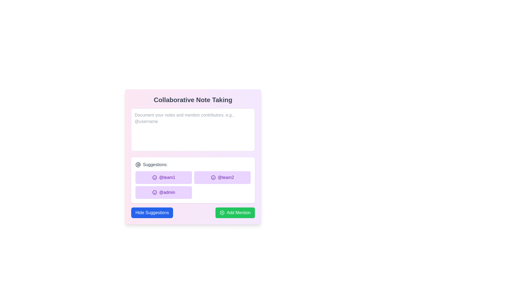 Image resolution: width=512 pixels, height=288 pixels. I want to click on the blue rectangular button labeled 'Hide Suggestions' with white text, located at the bottom-left corner of the interactive section, so click(152, 213).